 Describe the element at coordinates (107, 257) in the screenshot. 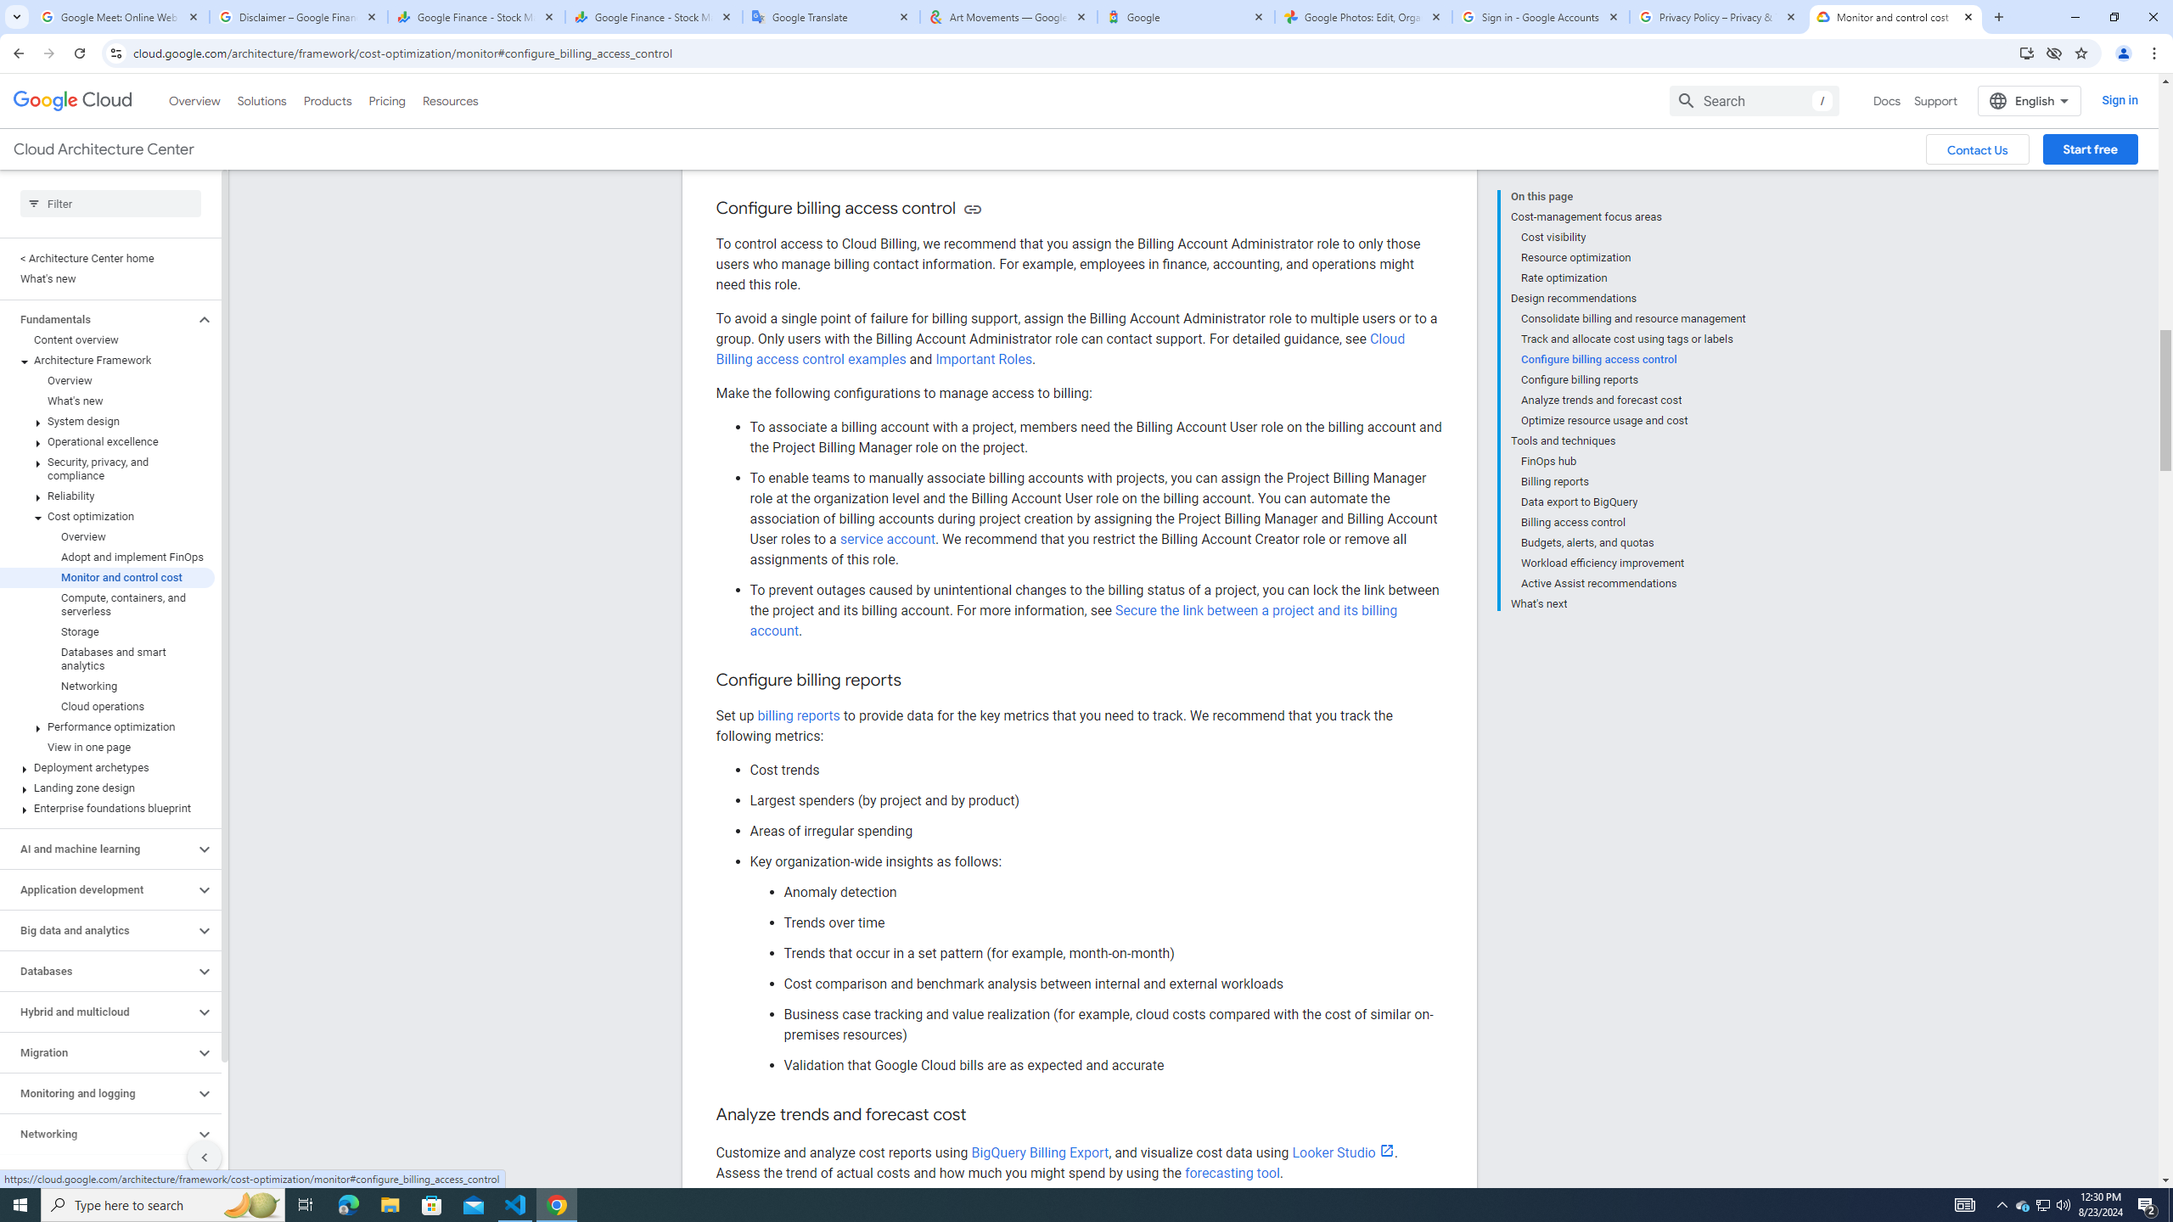

I see `'< Architecture Center home'` at that location.